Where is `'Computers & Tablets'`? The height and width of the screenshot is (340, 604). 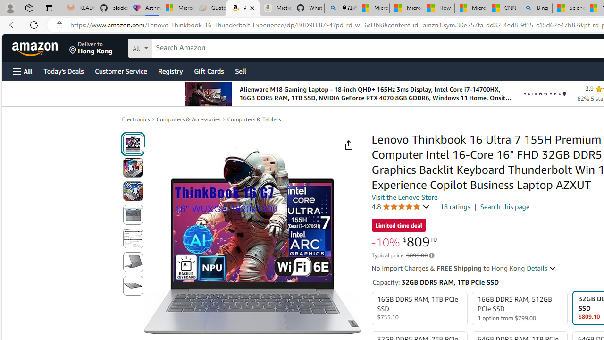
'Computers & Tablets' is located at coordinates (254, 119).